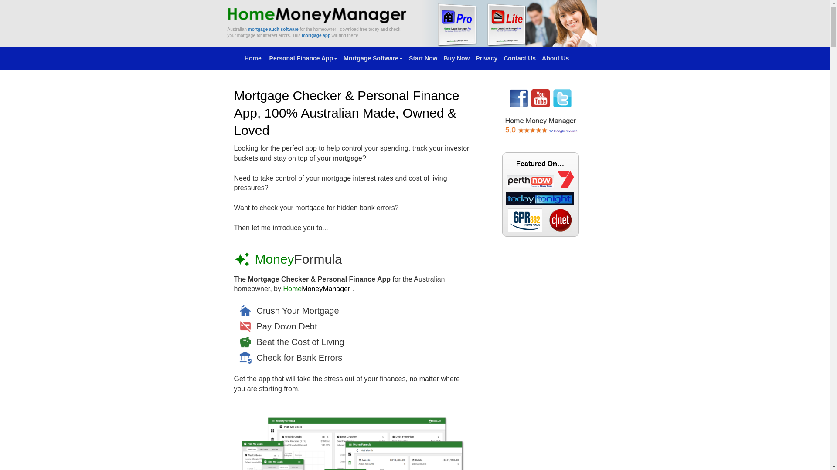 This screenshot has height=470, width=837. I want to click on 'Mortgage Software', so click(373, 58).